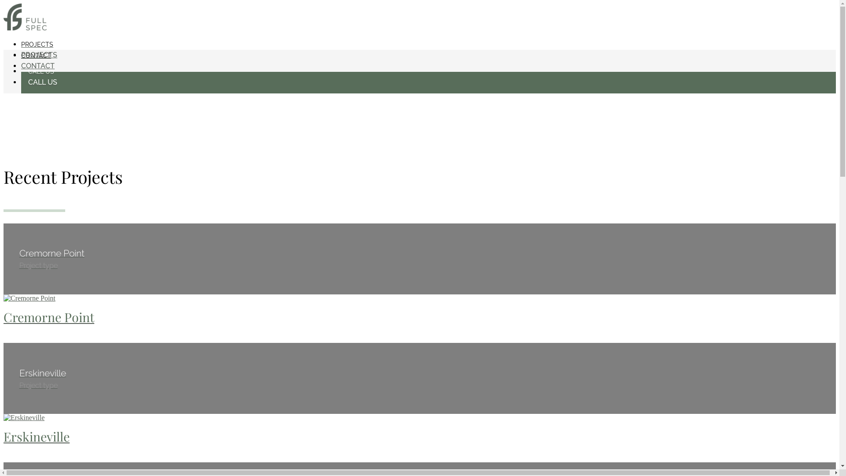 The width and height of the screenshot is (846, 476). What do you see at coordinates (35, 55) in the screenshot?
I see `'CONTACT'` at bounding box center [35, 55].